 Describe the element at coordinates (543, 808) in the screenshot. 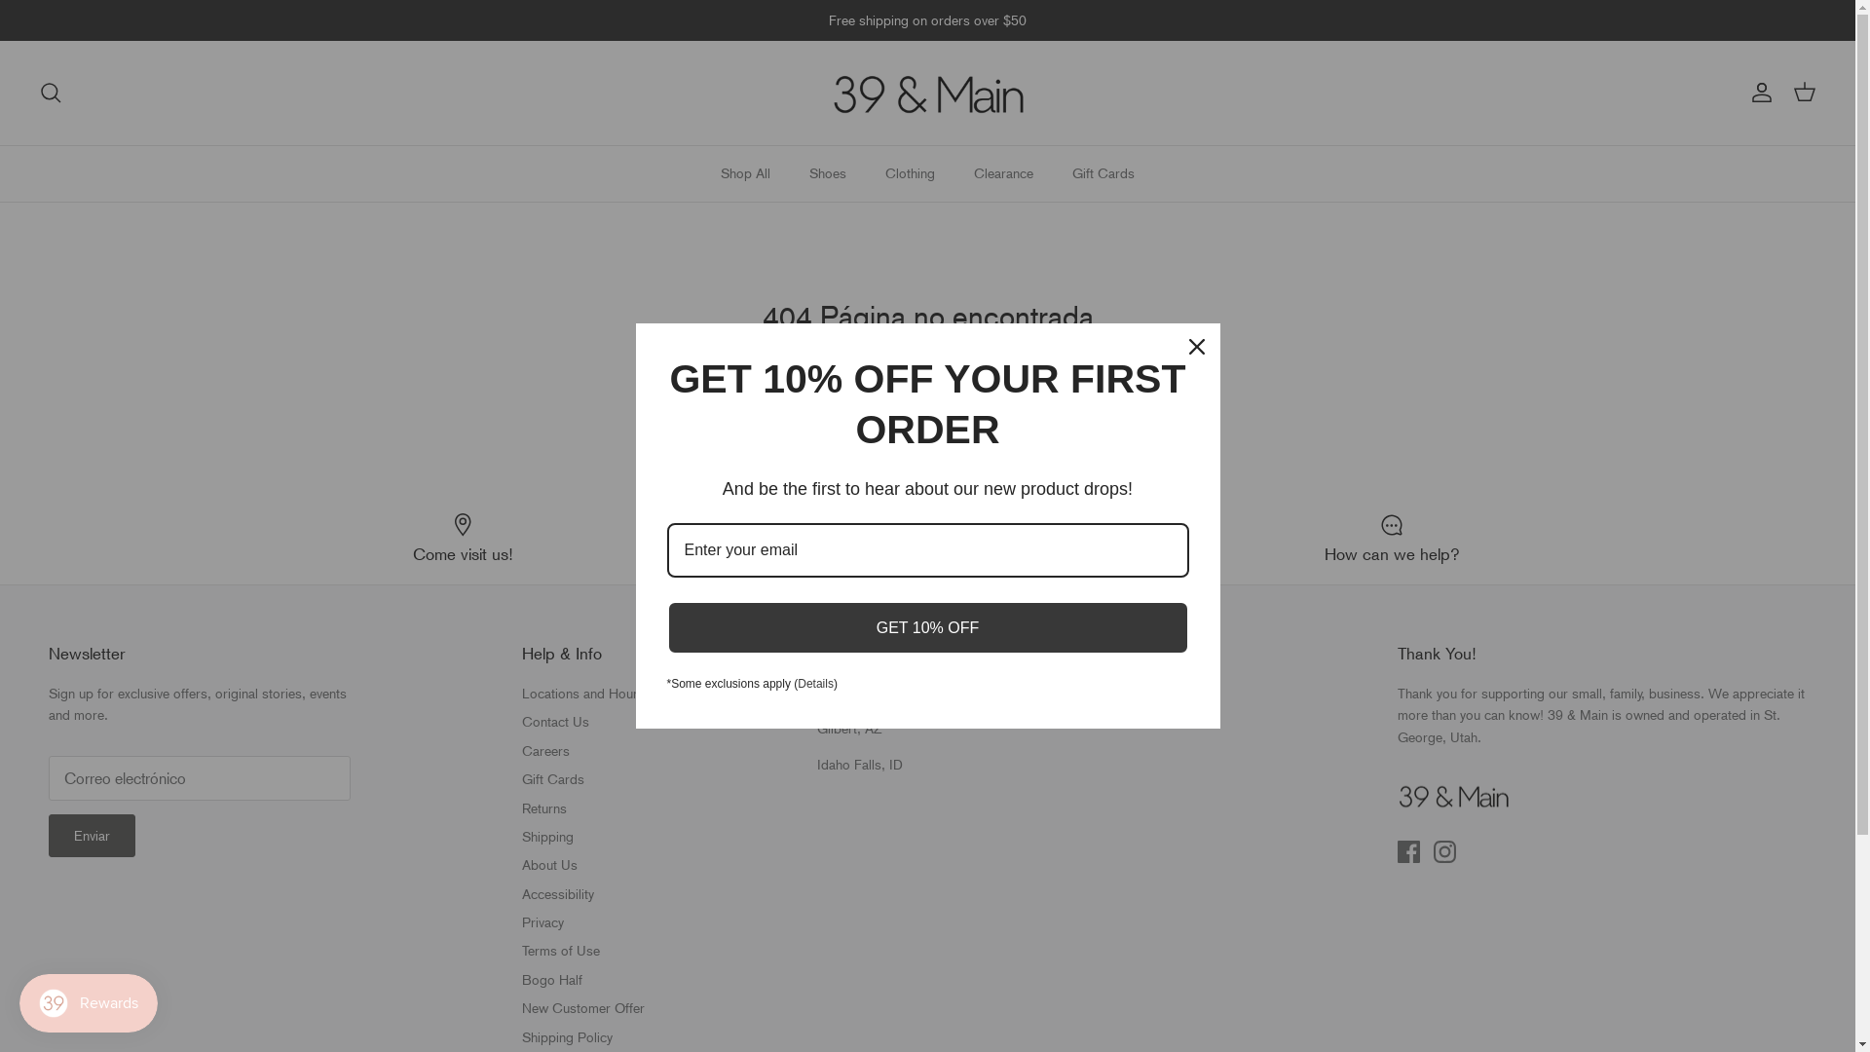

I see `'Returns'` at that location.